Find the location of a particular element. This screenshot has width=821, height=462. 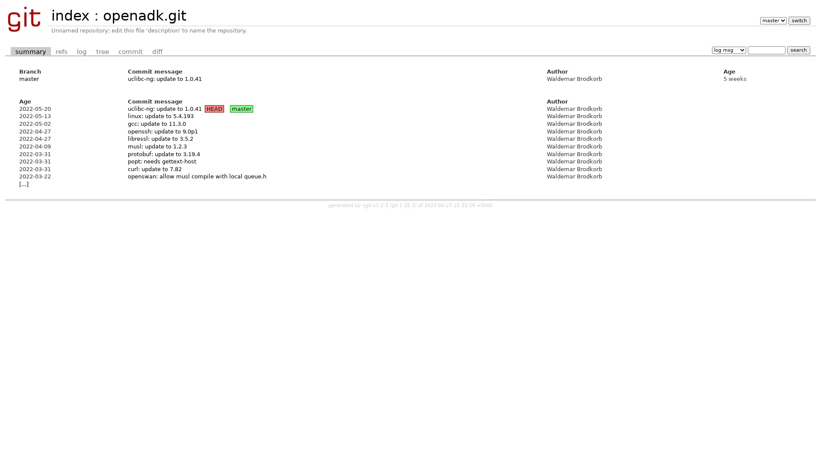

switch is located at coordinates (798, 20).